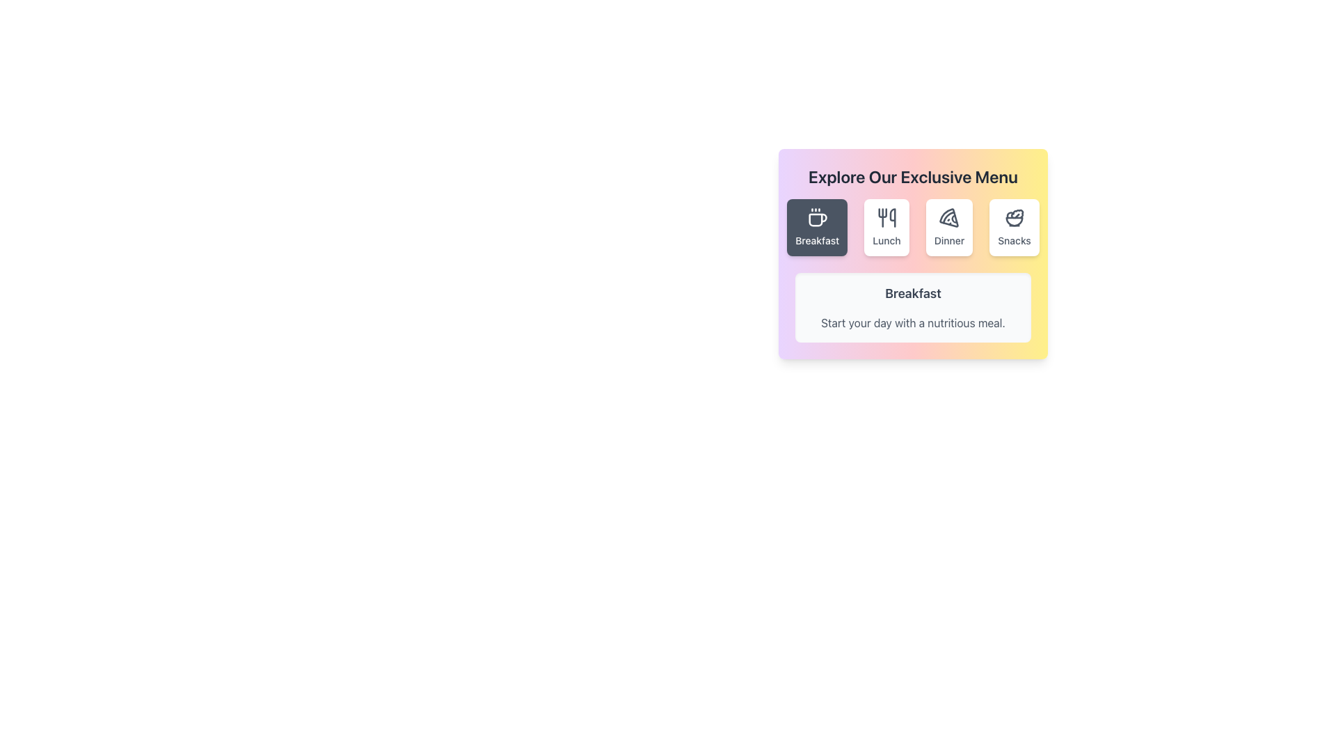  Describe the element at coordinates (913, 254) in the screenshot. I see `the individual buttons within the Group of Interactive Elements, which is a rectangular section with a gradient background from yellow to purple, located below the title 'Explore Our Exclusive Menu'` at that location.